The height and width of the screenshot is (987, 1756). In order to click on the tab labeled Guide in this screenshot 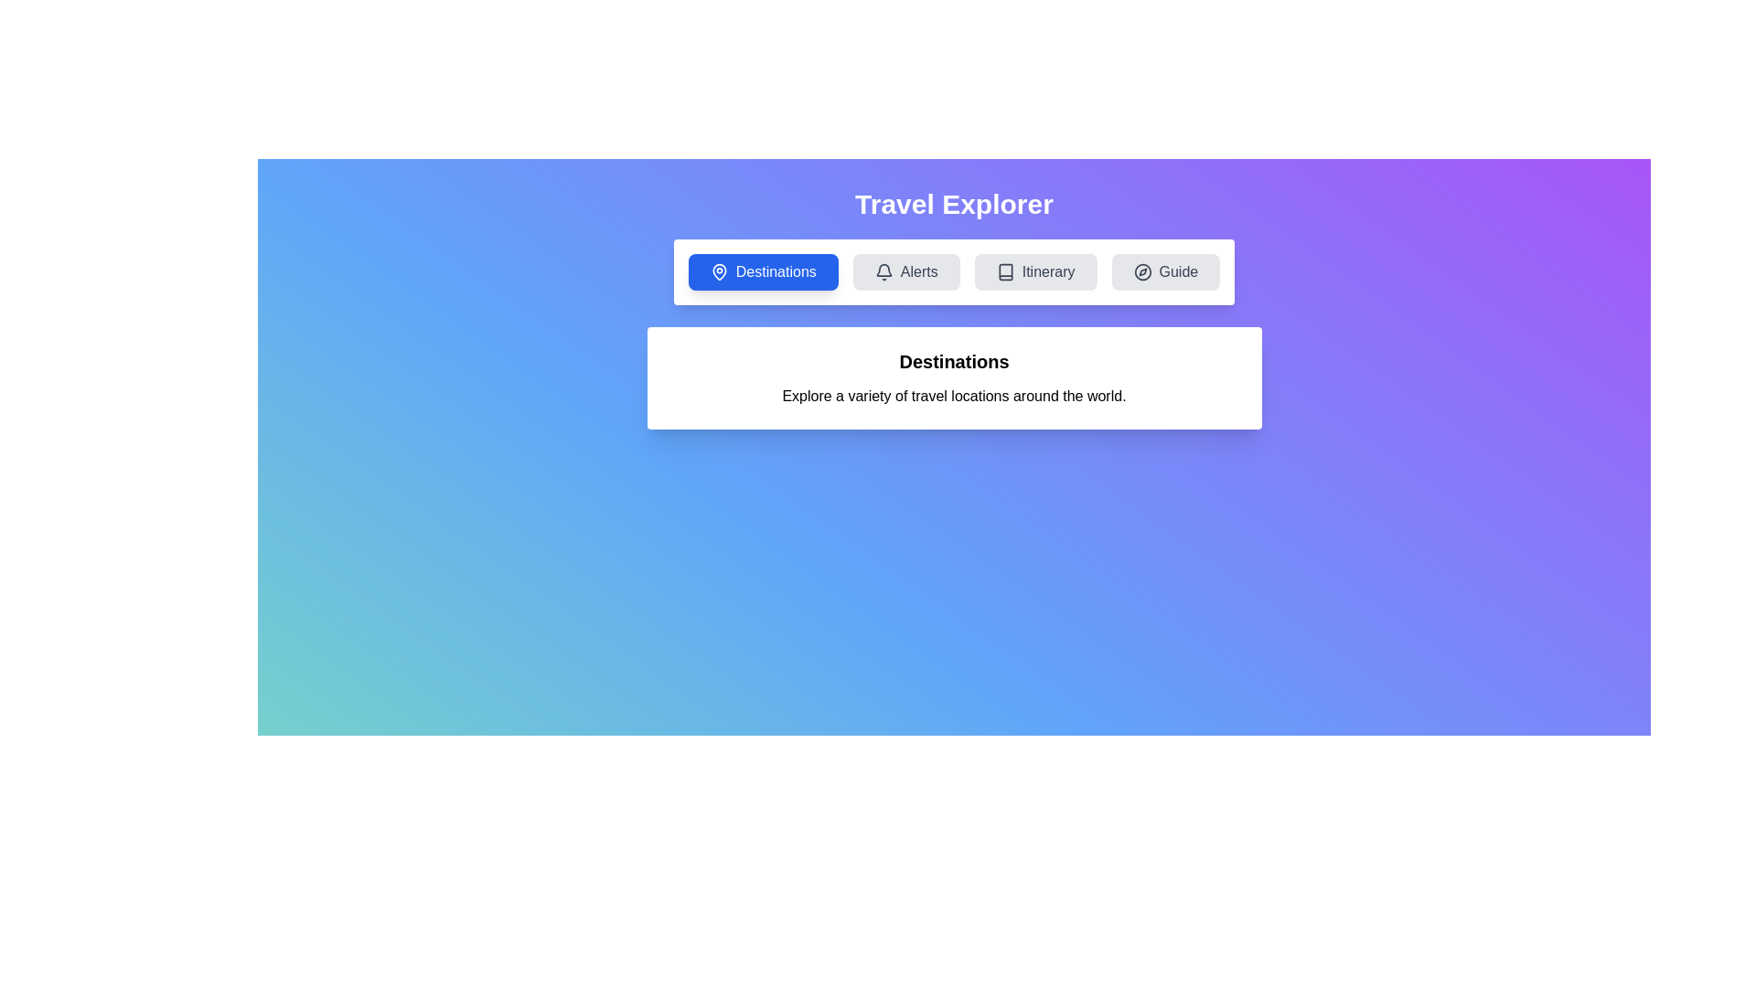, I will do `click(1164, 271)`.